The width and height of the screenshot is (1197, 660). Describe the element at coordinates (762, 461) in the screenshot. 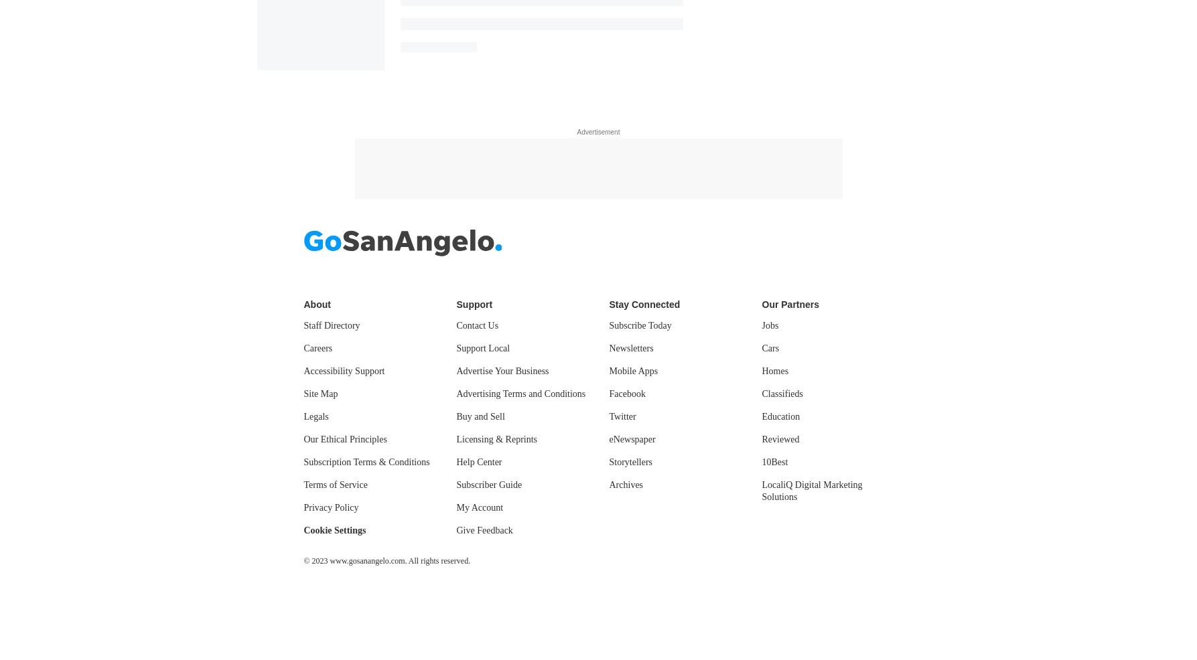

I see `'10Best'` at that location.